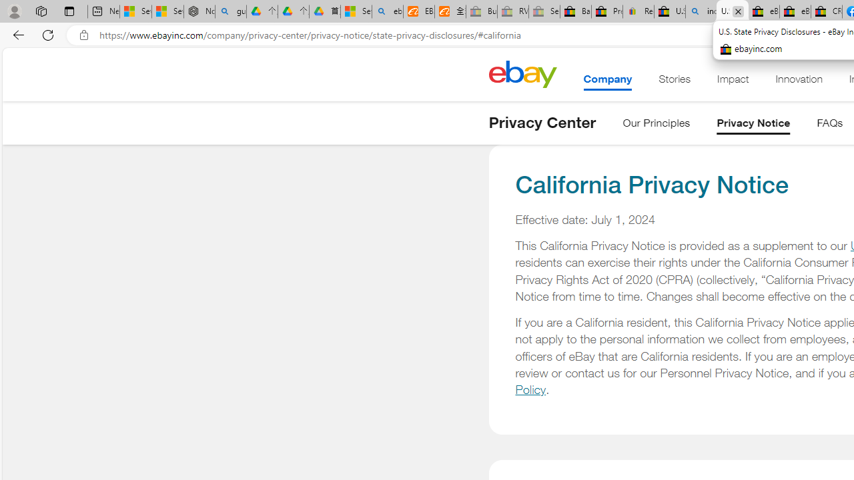 The width and height of the screenshot is (854, 480). What do you see at coordinates (700, 11) in the screenshot?
I see `'including - Search'` at bounding box center [700, 11].